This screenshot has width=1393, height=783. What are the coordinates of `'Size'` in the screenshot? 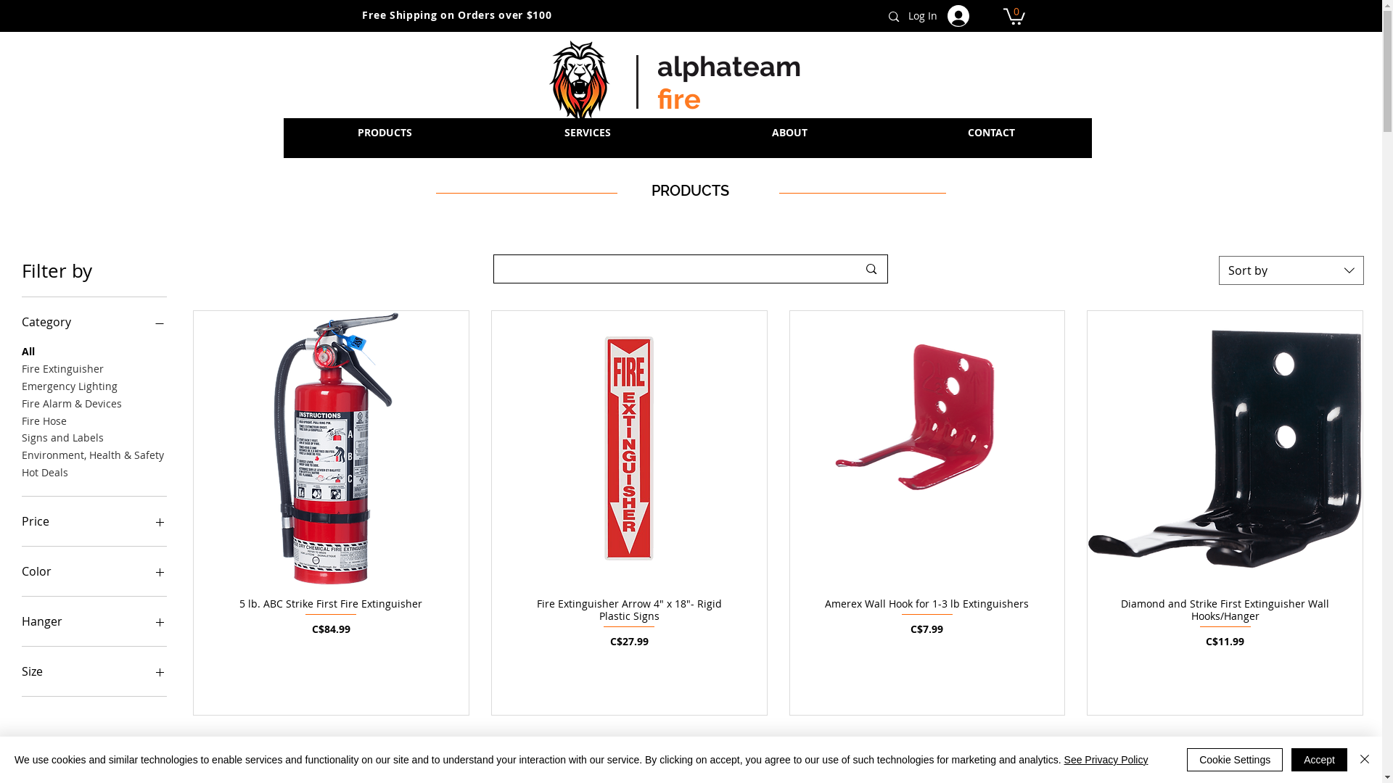 It's located at (93, 671).